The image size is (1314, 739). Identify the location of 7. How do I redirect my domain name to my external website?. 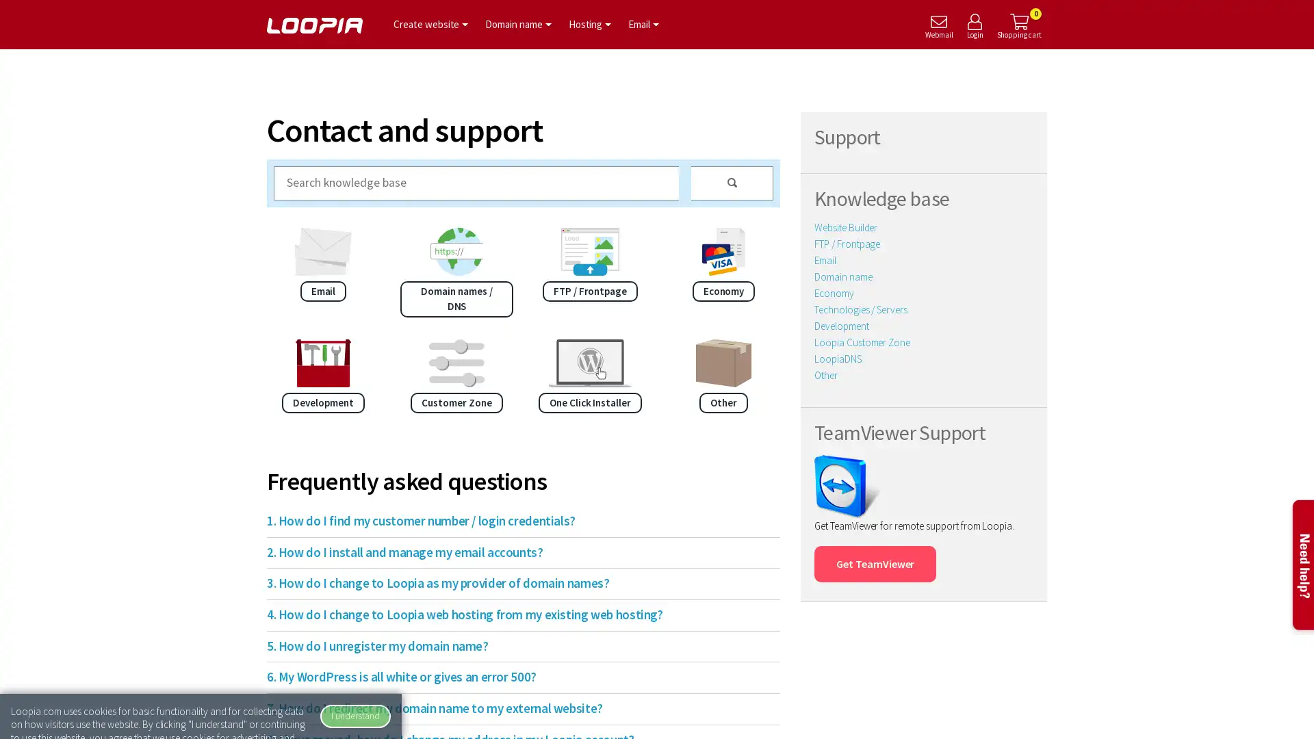
(515, 708).